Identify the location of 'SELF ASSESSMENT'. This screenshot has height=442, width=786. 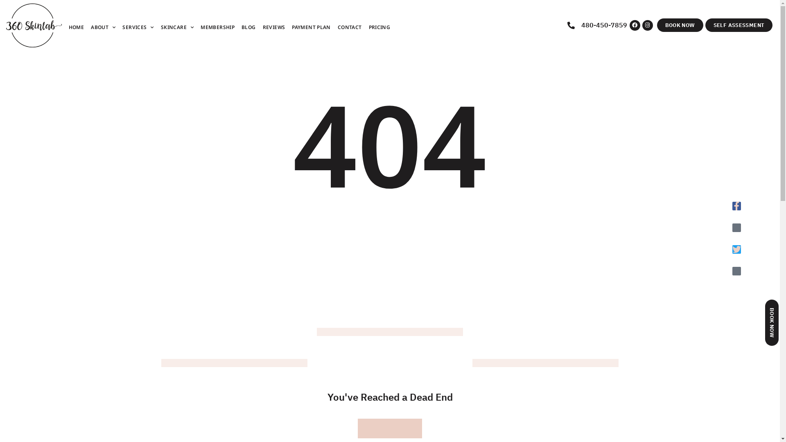
(705, 25).